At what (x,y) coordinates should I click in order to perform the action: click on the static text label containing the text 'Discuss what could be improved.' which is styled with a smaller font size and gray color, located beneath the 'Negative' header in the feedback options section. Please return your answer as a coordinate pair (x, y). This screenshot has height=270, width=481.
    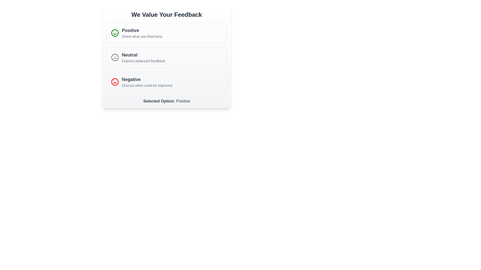
    Looking at the image, I should click on (147, 85).